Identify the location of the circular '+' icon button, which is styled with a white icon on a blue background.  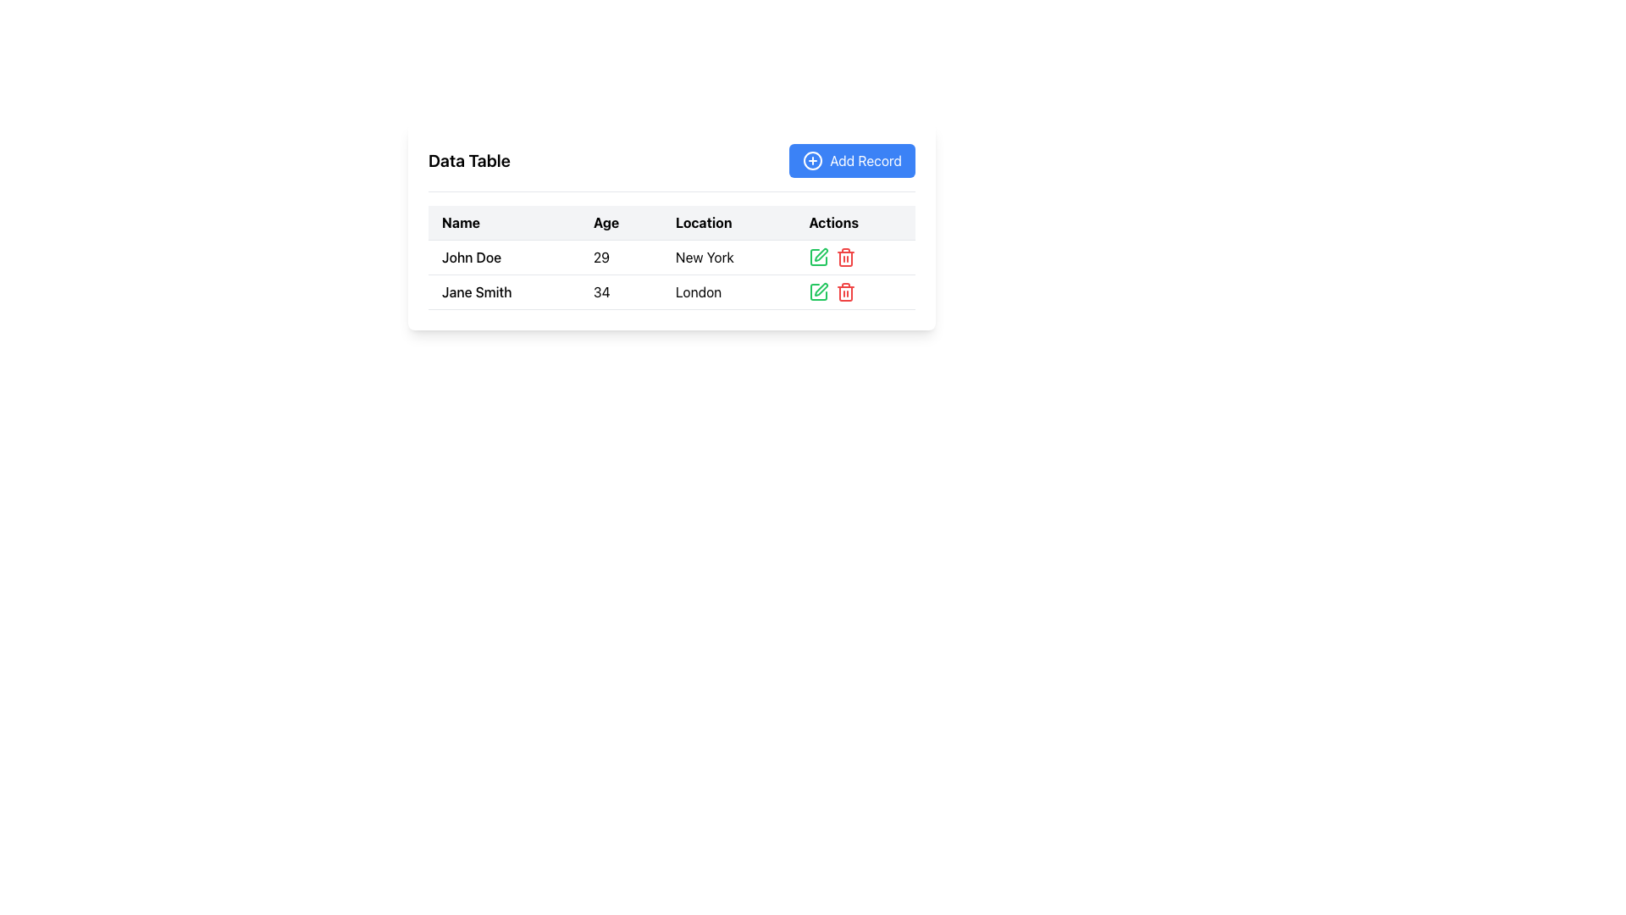
(813, 160).